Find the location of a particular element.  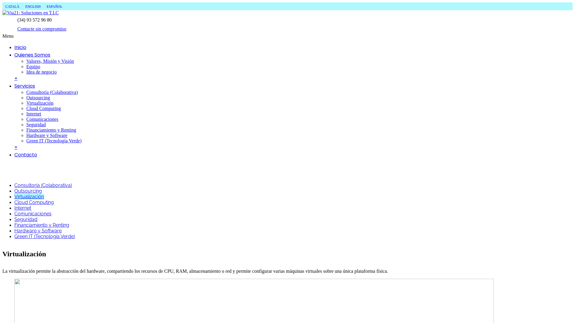

'Servicios' is located at coordinates (14, 86).